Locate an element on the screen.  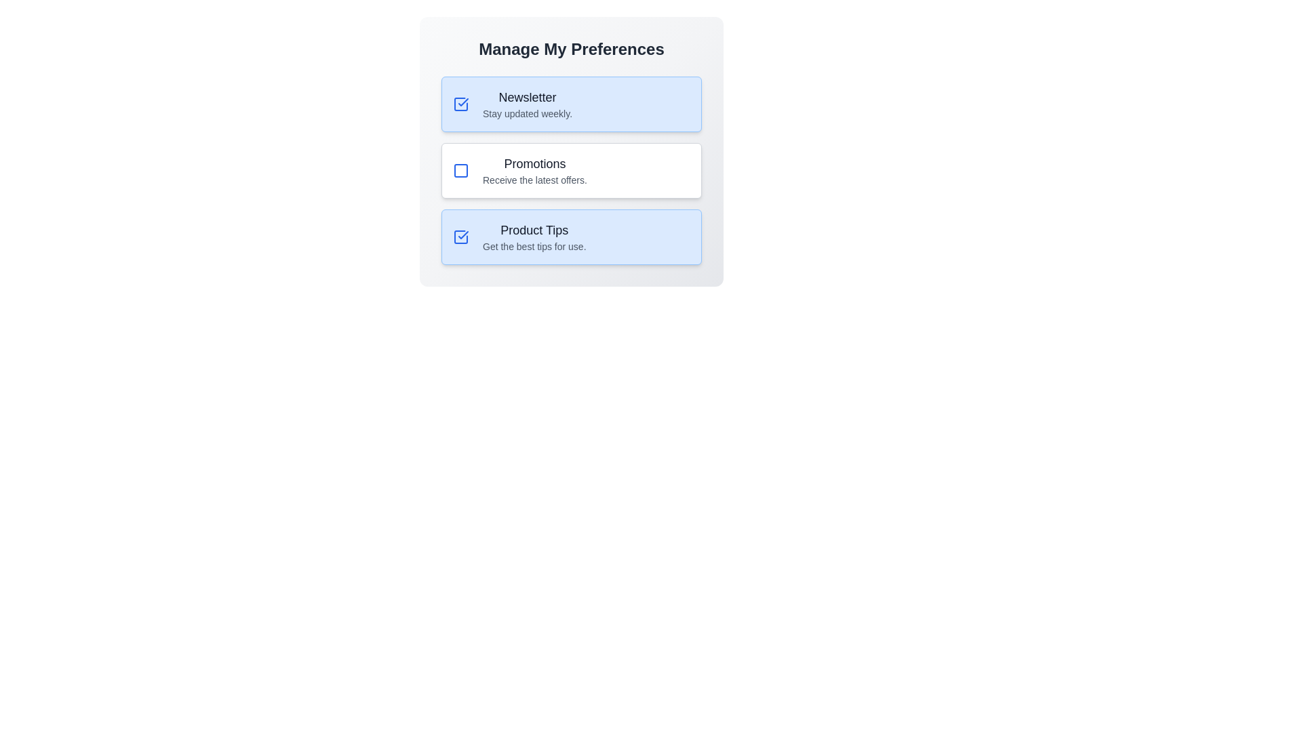
the checkbox of the 'Product Tips' selectable list item is located at coordinates (572, 237).